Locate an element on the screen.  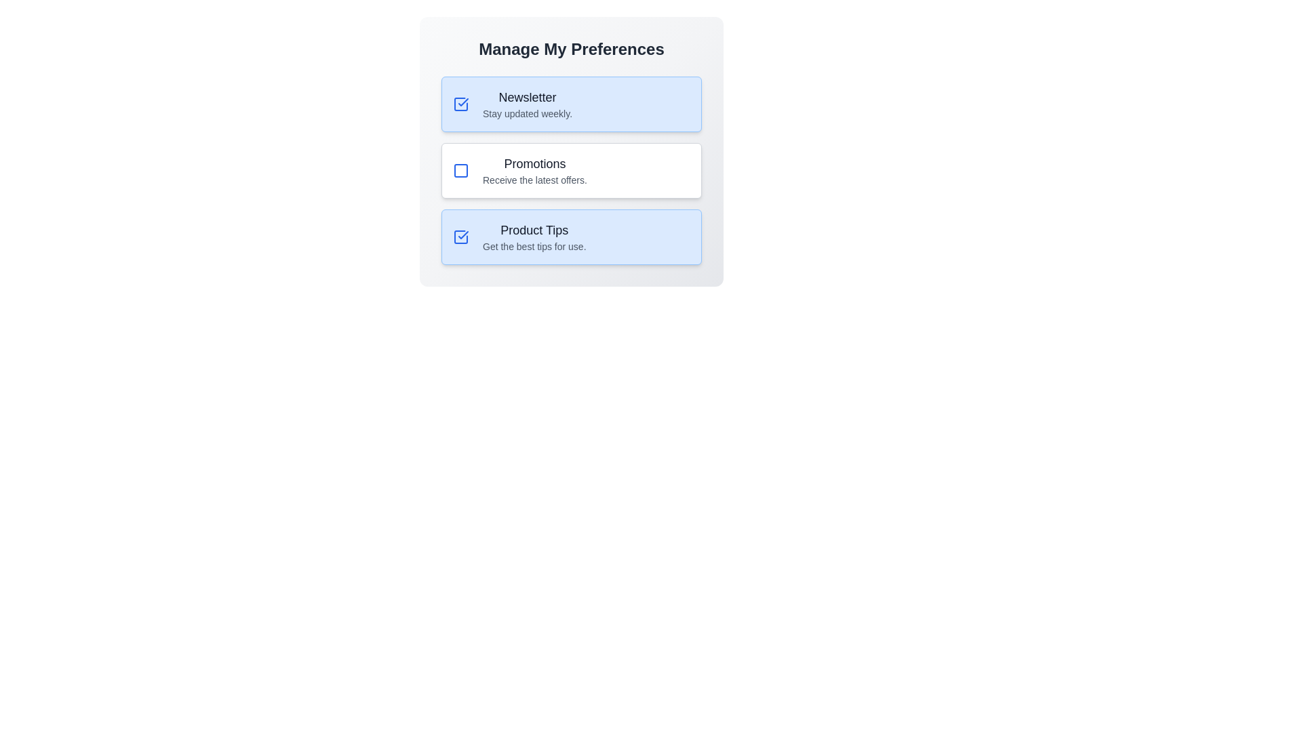
the checkbox of the 'Product Tips' selectable list item is located at coordinates (572, 237).